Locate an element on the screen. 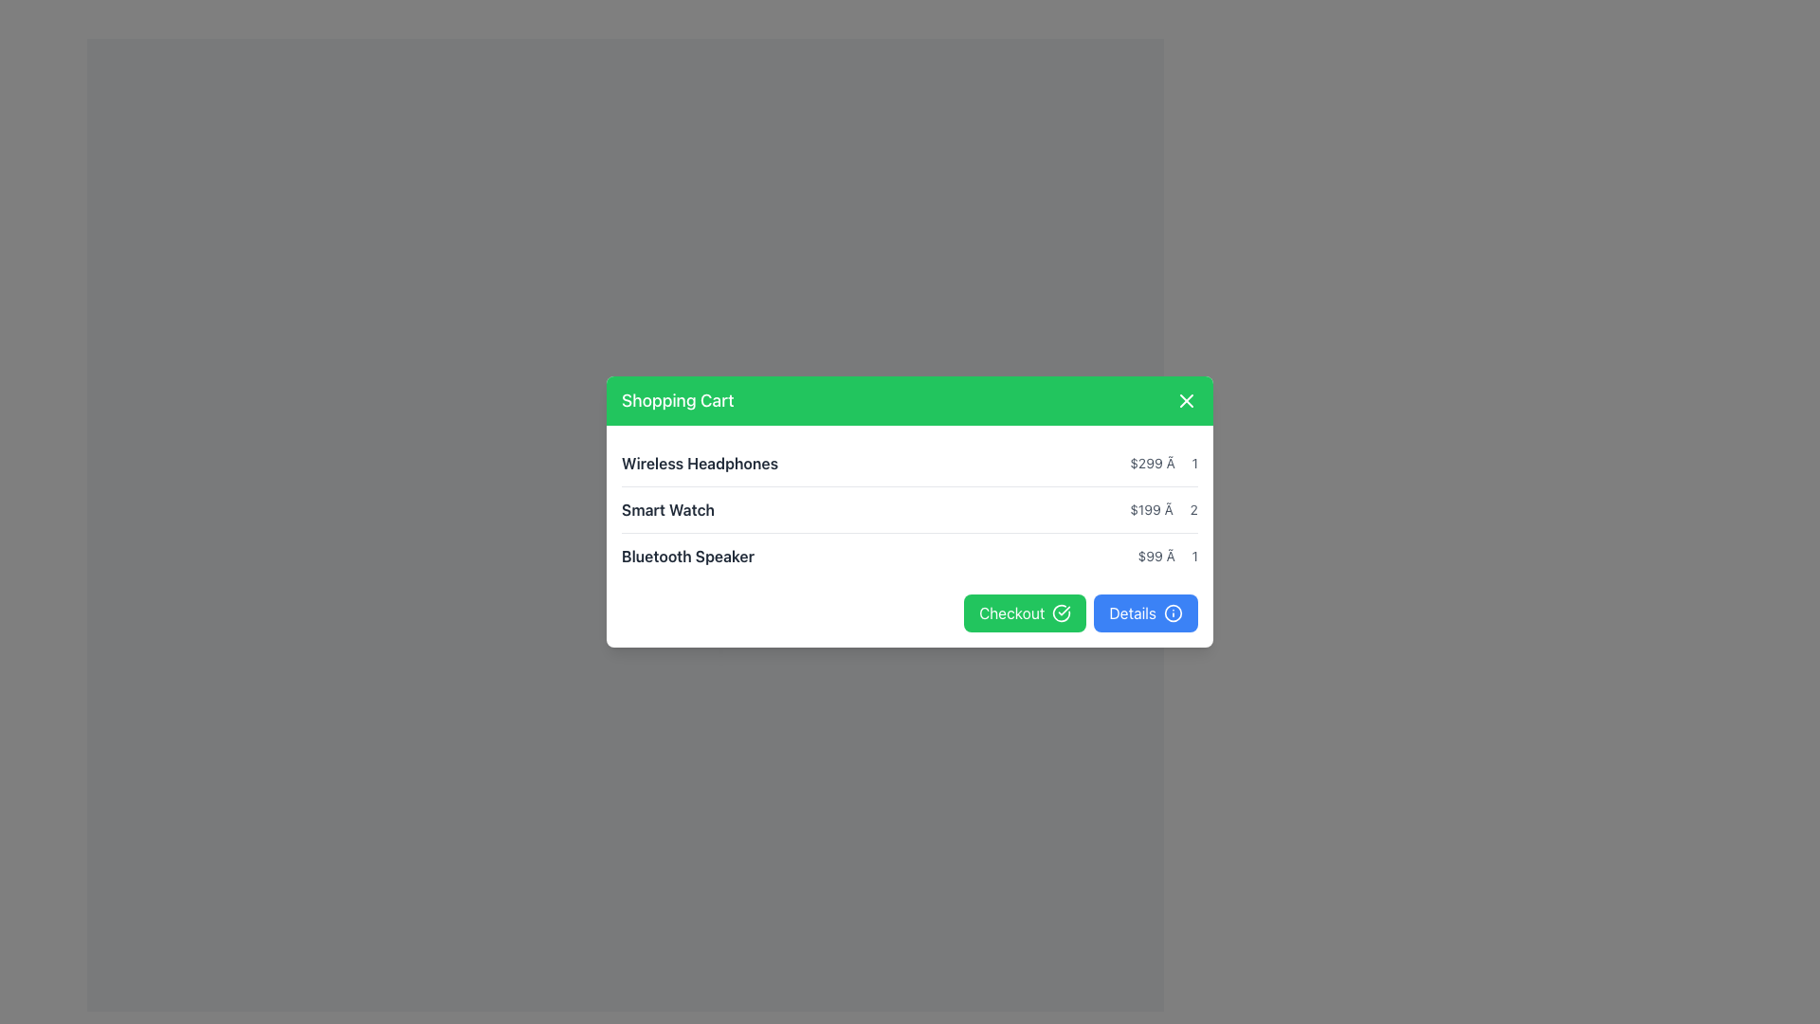 The image size is (1820, 1024). the product name text label in the third row of the shopping cart, which is aligned to the left side under the cart title 'Shopping Cart' is located at coordinates (686, 555).